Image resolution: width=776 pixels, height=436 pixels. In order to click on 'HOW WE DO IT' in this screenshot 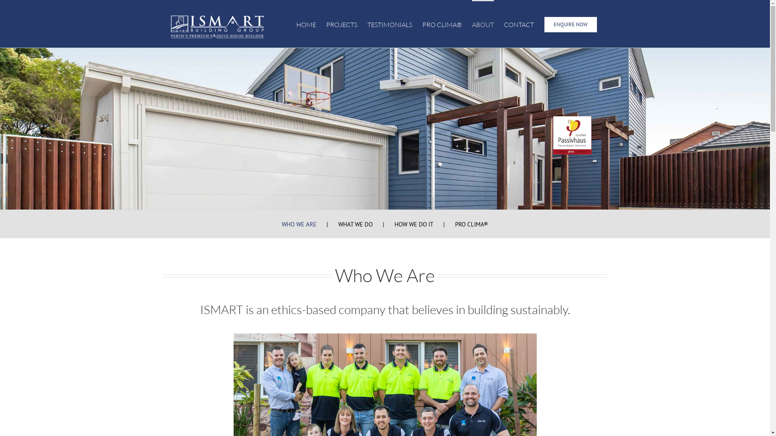, I will do `click(394, 224)`.